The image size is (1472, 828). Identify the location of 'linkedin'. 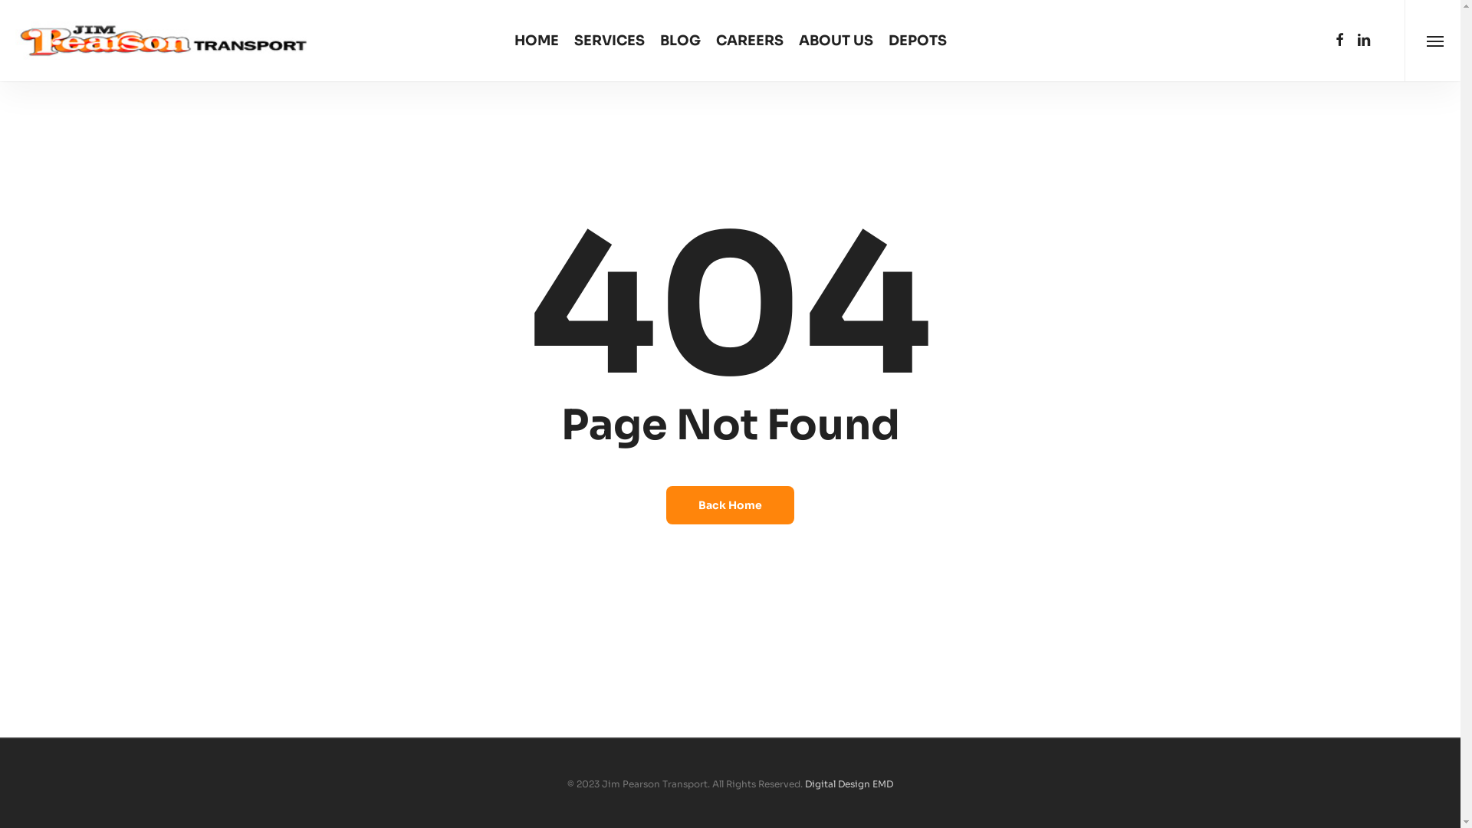
(1364, 40).